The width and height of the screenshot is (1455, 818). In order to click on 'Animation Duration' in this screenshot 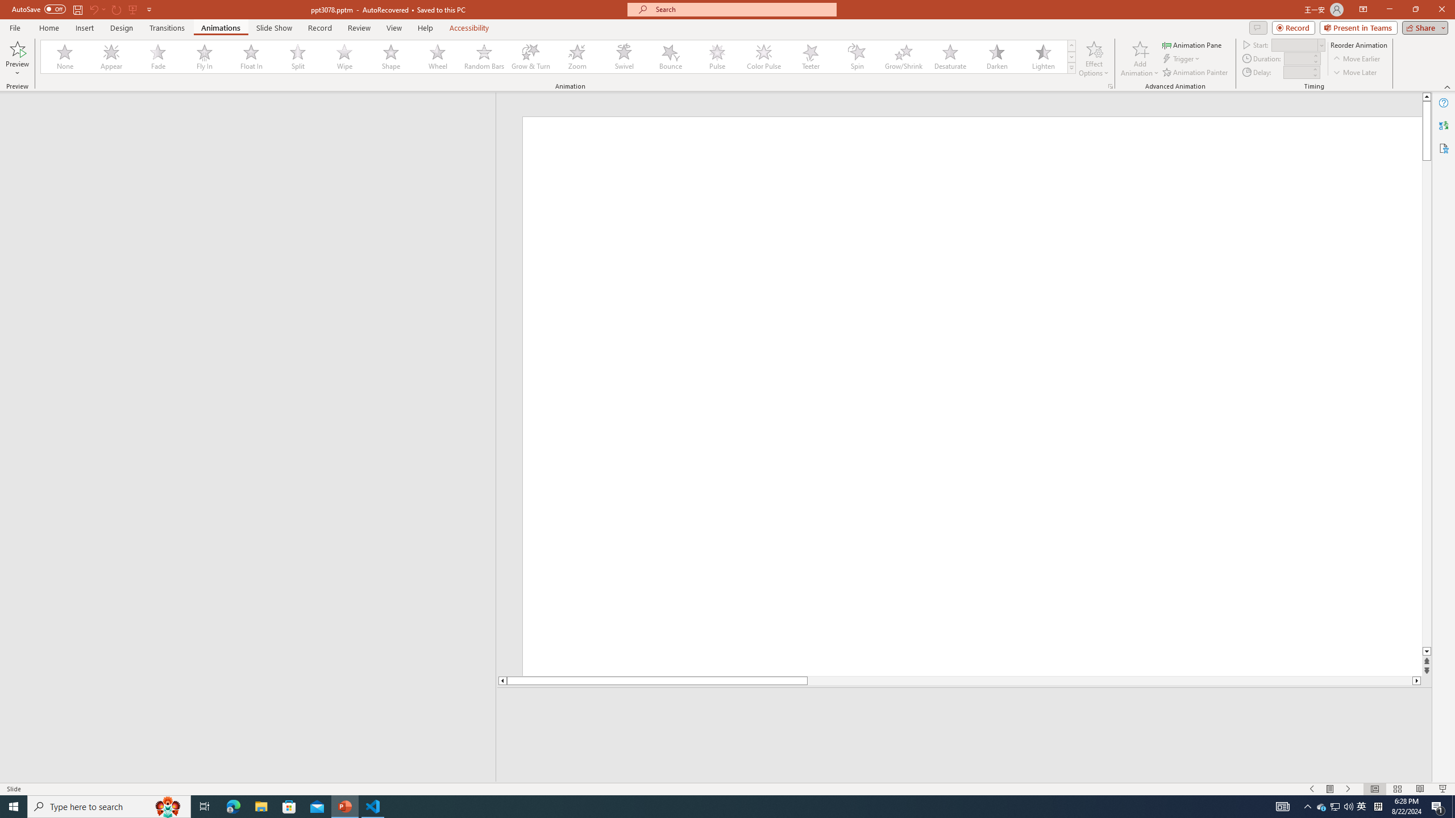, I will do `click(1297, 58)`.